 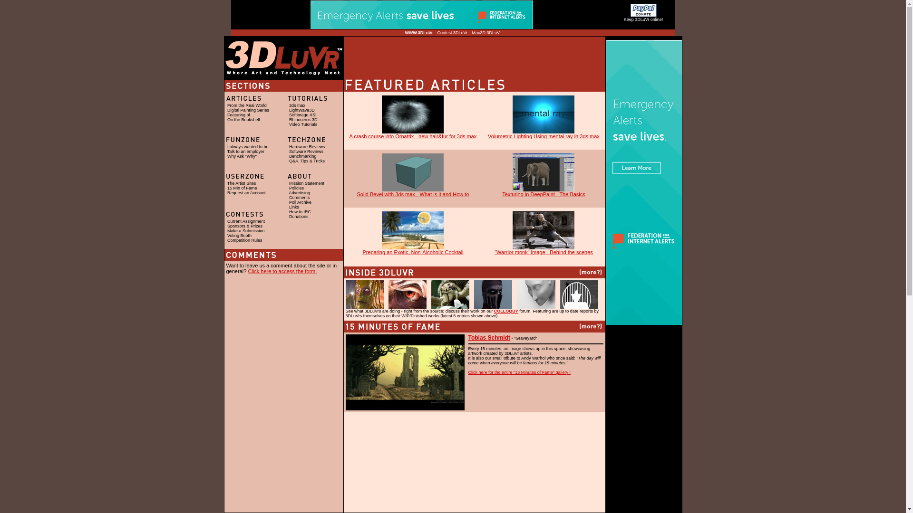 I want to click on 'Texturing in DeepPaint - The Basics', so click(x=544, y=192).